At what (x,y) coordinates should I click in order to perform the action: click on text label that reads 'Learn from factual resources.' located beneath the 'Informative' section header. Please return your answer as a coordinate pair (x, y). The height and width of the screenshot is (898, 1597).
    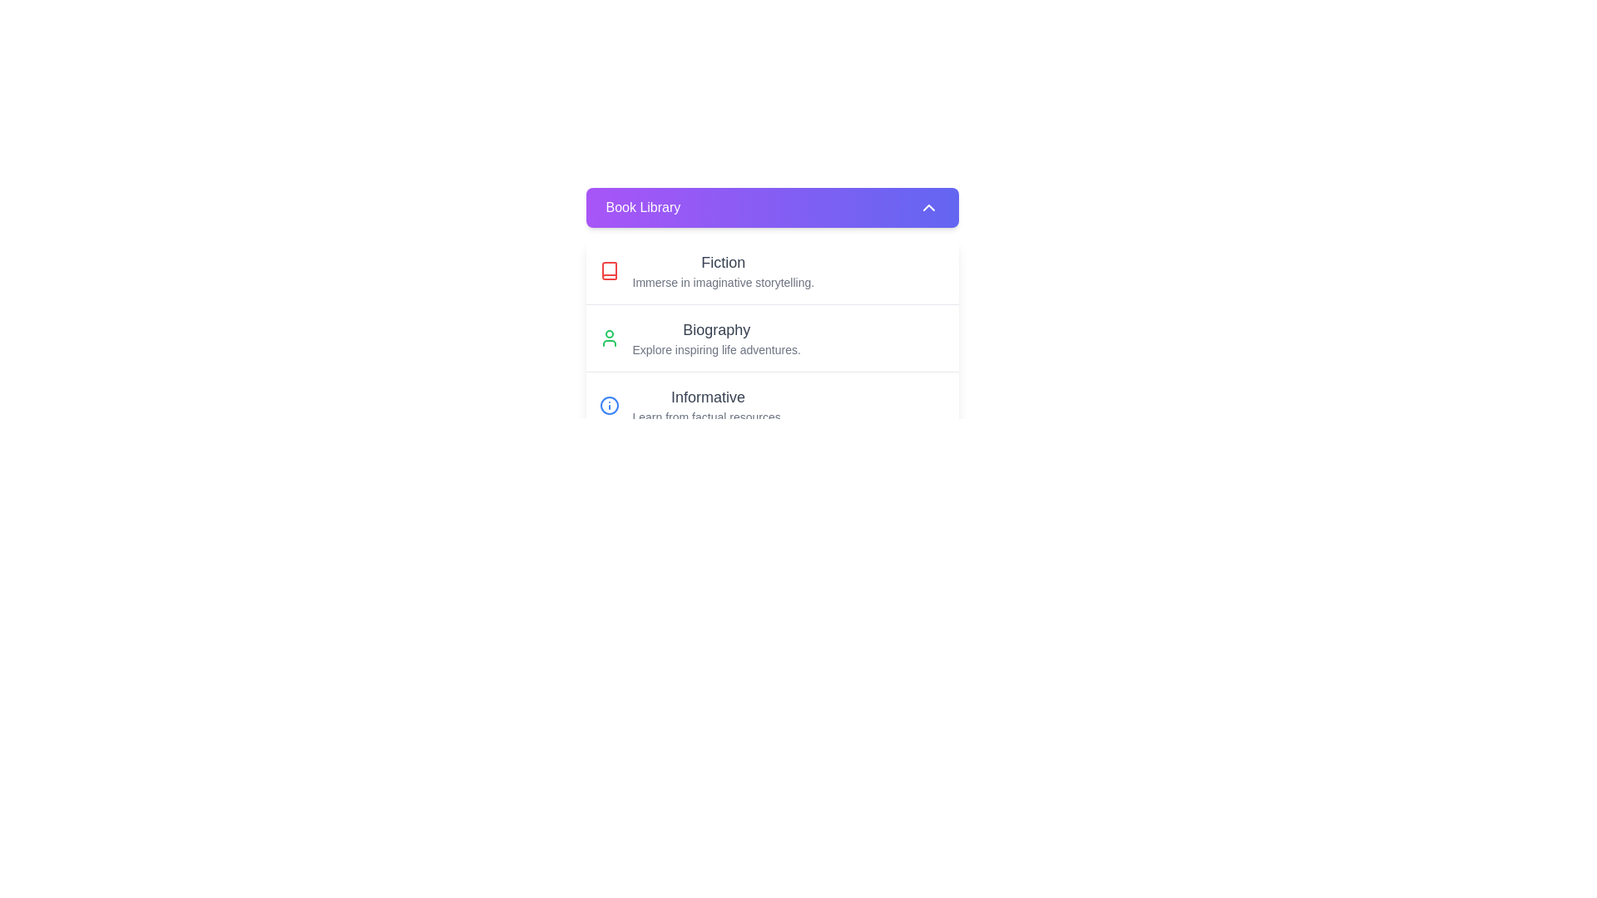
    Looking at the image, I should click on (708, 416).